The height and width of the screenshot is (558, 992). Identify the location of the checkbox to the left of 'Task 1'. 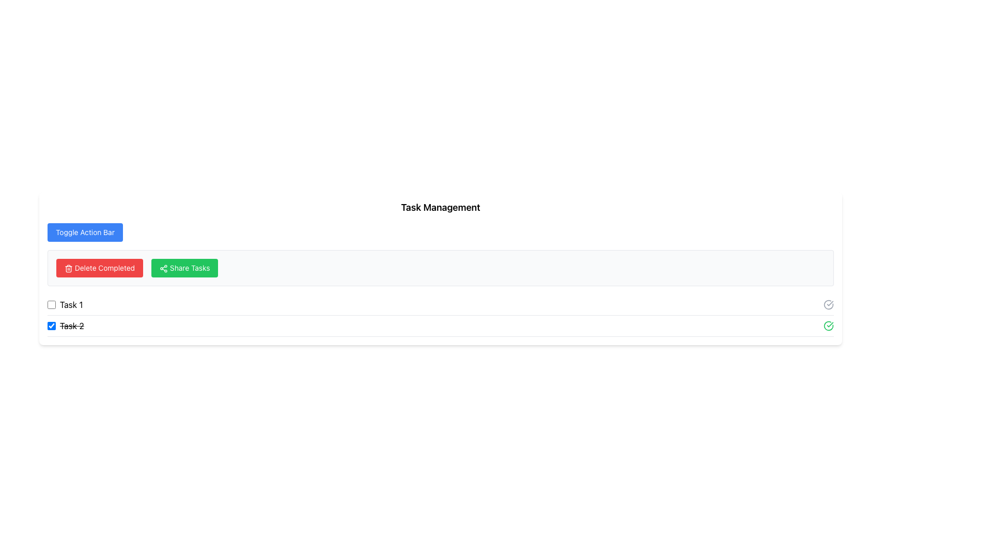
(51, 304).